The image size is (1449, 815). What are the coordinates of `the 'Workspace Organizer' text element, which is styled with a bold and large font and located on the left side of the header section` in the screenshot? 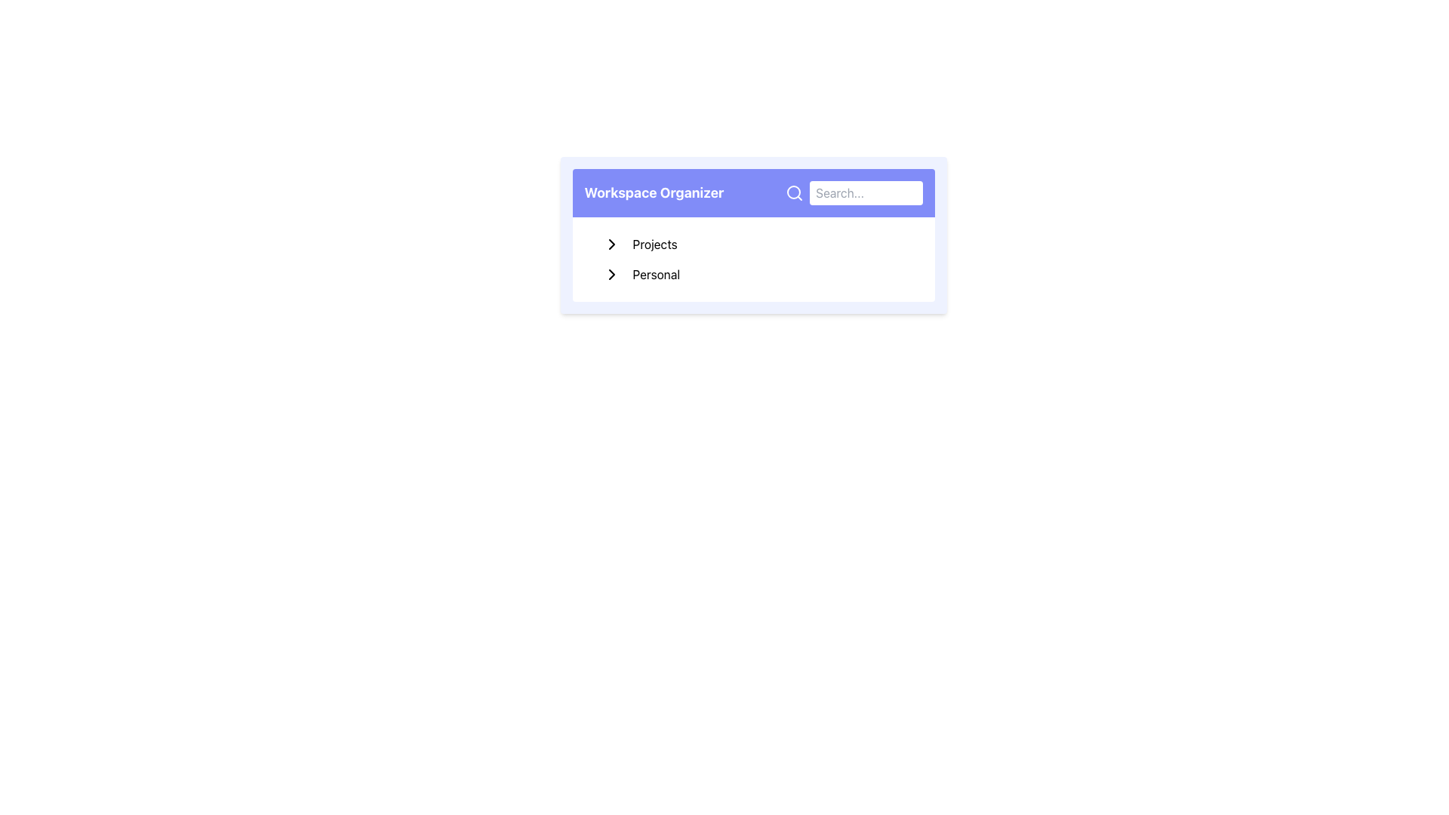 It's located at (654, 192).